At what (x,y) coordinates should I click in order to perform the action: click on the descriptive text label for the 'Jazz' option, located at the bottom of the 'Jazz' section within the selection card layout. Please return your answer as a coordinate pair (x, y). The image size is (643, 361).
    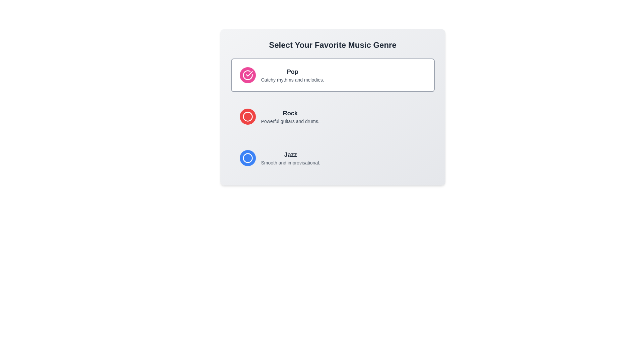
    Looking at the image, I should click on (290, 162).